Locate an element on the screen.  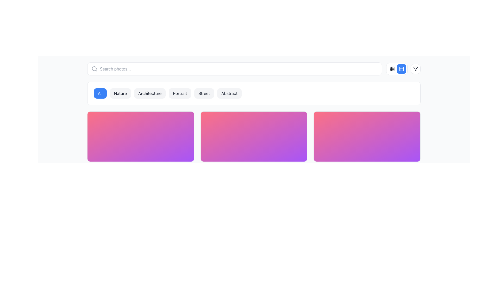
the 'Nature' filter button, which is the second button in a row of category selectors is located at coordinates (120, 93).